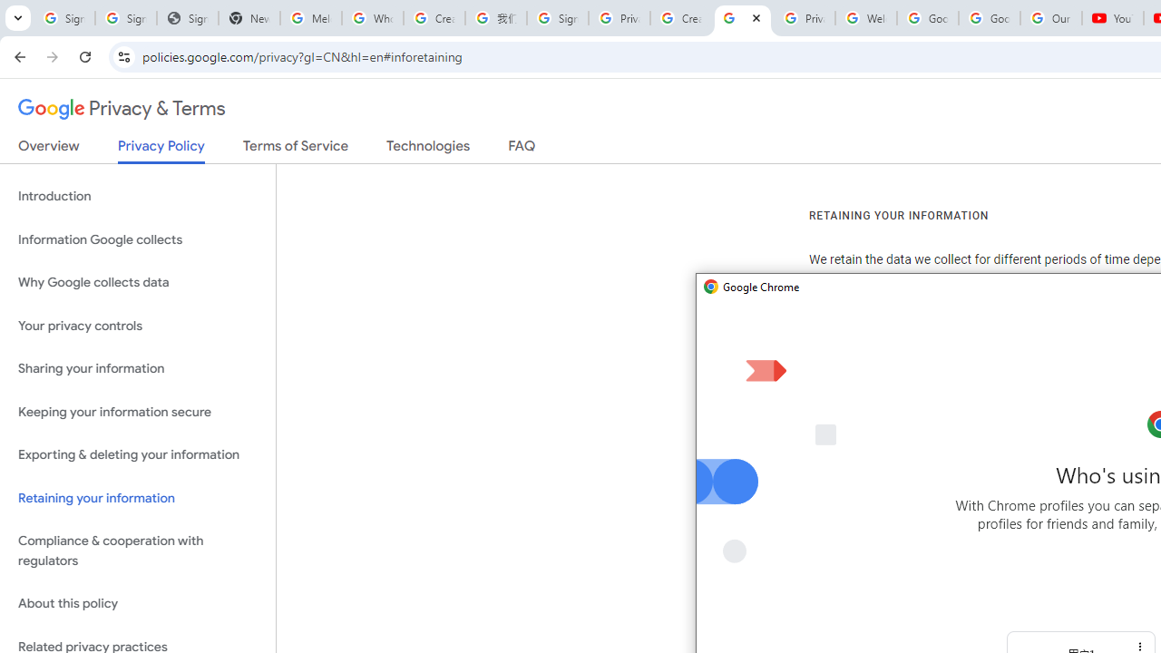 Image resolution: width=1161 pixels, height=653 pixels. Describe the element at coordinates (248, 18) in the screenshot. I see `'New Tab'` at that location.